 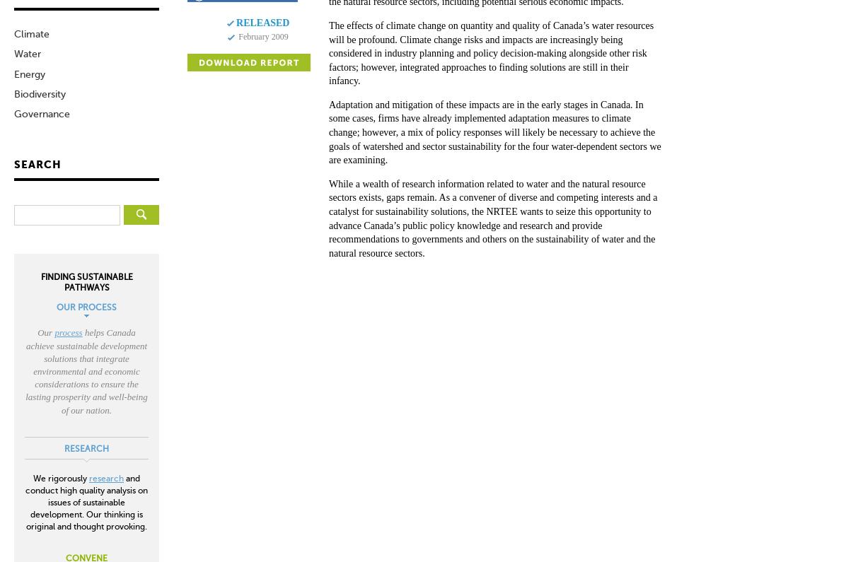 I want to click on 'Energy', so click(x=29, y=74).